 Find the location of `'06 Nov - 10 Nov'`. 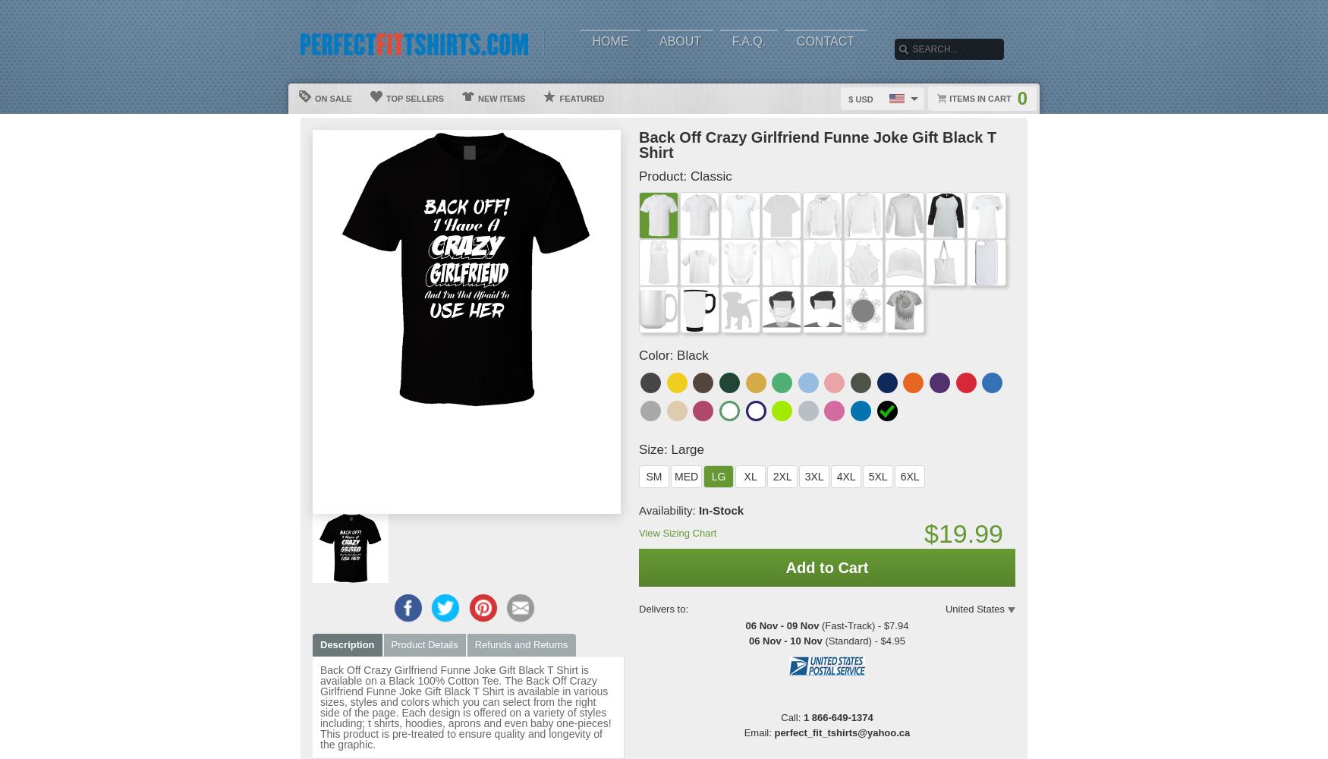

'06 Nov - 10 Nov' is located at coordinates (784, 640).